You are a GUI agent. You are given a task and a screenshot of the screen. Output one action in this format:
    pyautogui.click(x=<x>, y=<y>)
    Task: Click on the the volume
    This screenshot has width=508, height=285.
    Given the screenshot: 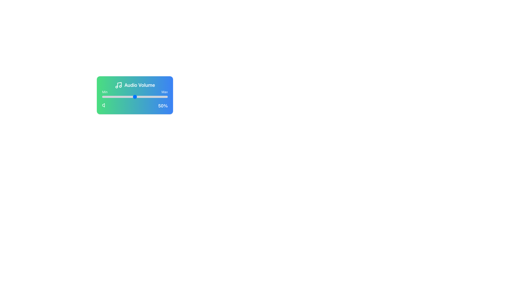 What is the action you would take?
    pyautogui.click(x=156, y=97)
    